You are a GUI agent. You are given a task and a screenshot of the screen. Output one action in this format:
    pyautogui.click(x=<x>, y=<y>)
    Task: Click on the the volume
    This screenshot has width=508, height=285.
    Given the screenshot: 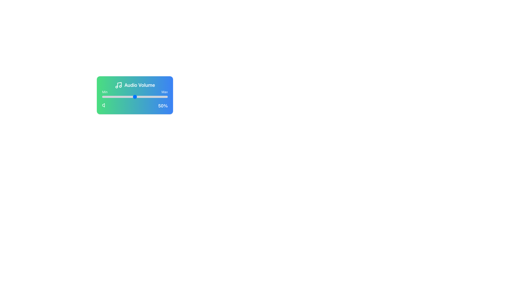 What is the action you would take?
    pyautogui.click(x=156, y=97)
    